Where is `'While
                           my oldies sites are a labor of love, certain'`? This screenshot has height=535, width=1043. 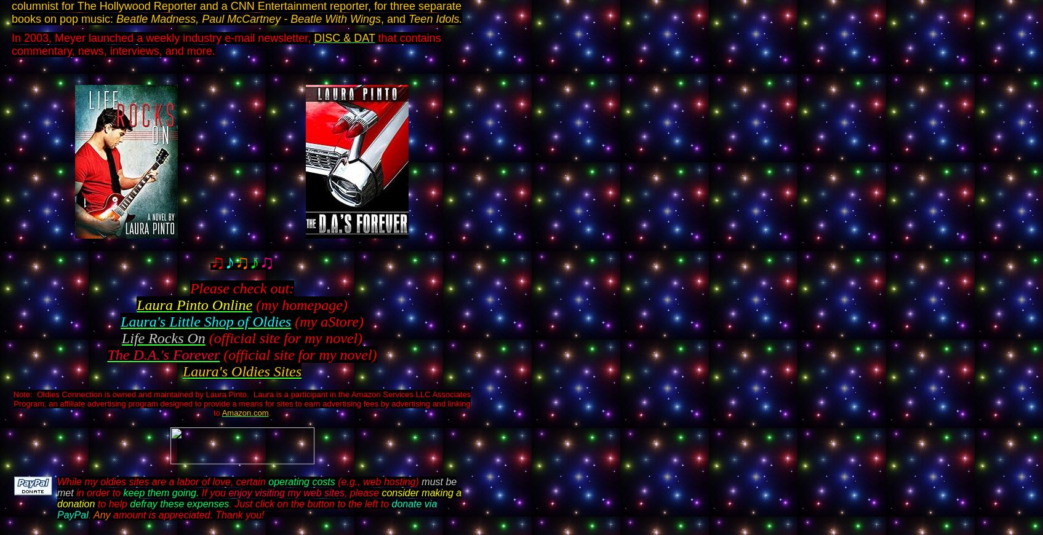
'While
                           my oldies sites are a labor of love, certain' is located at coordinates (161, 481).